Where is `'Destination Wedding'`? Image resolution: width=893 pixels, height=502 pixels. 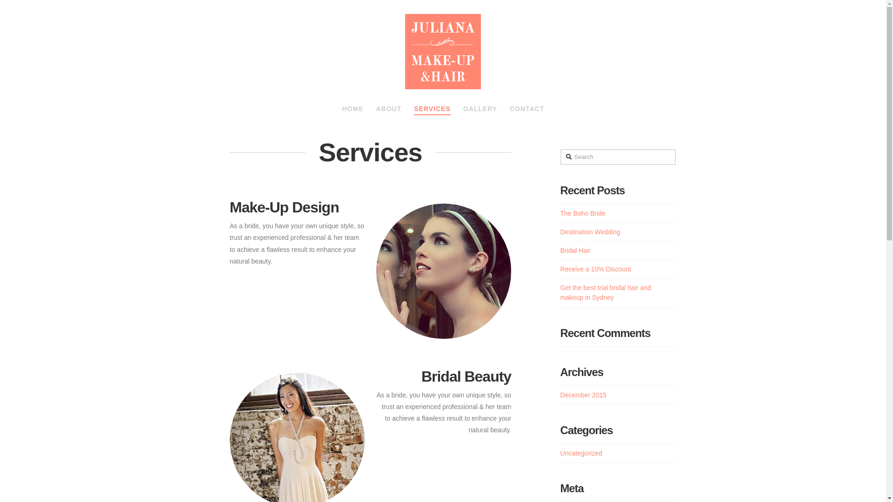
'Destination Wedding' is located at coordinates (590, 231).